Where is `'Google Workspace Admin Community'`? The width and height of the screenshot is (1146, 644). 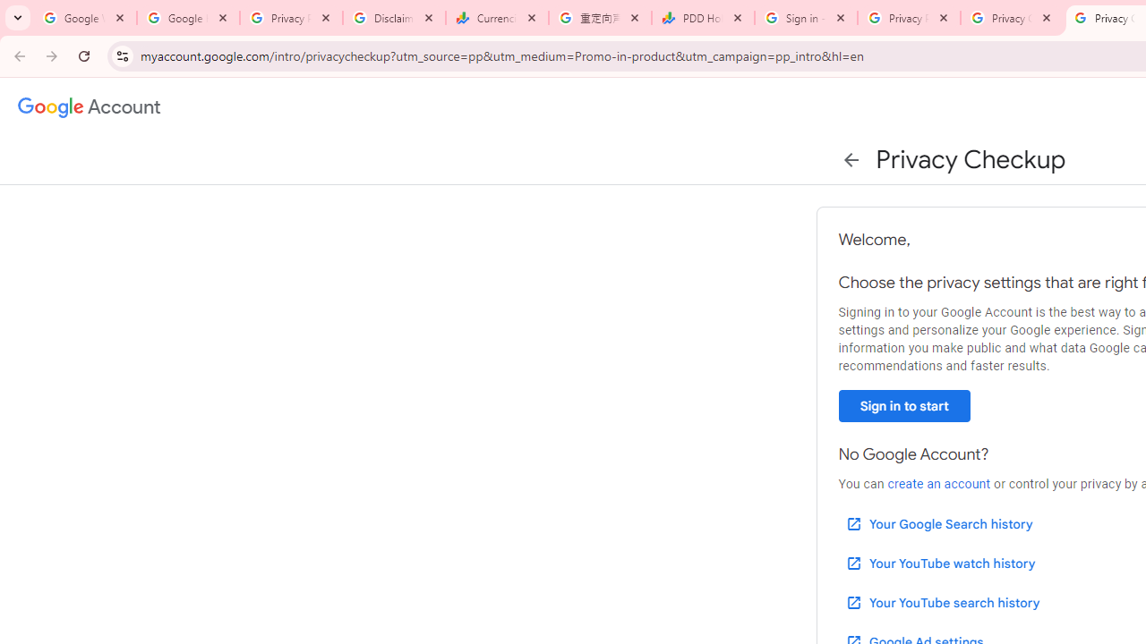
'Google Workspace Admin Community' is located at coordinates (84, 18).